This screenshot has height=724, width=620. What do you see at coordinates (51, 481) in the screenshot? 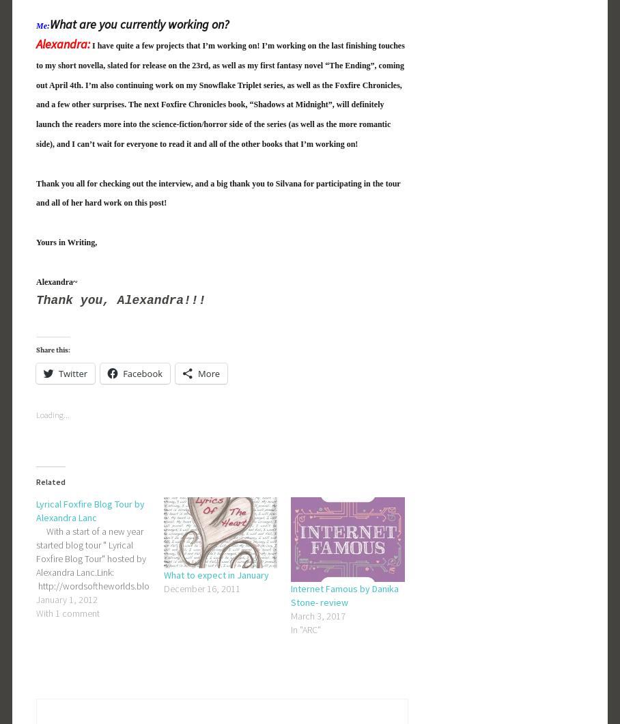
I see `'Related'` at bounding box center [51, 481].